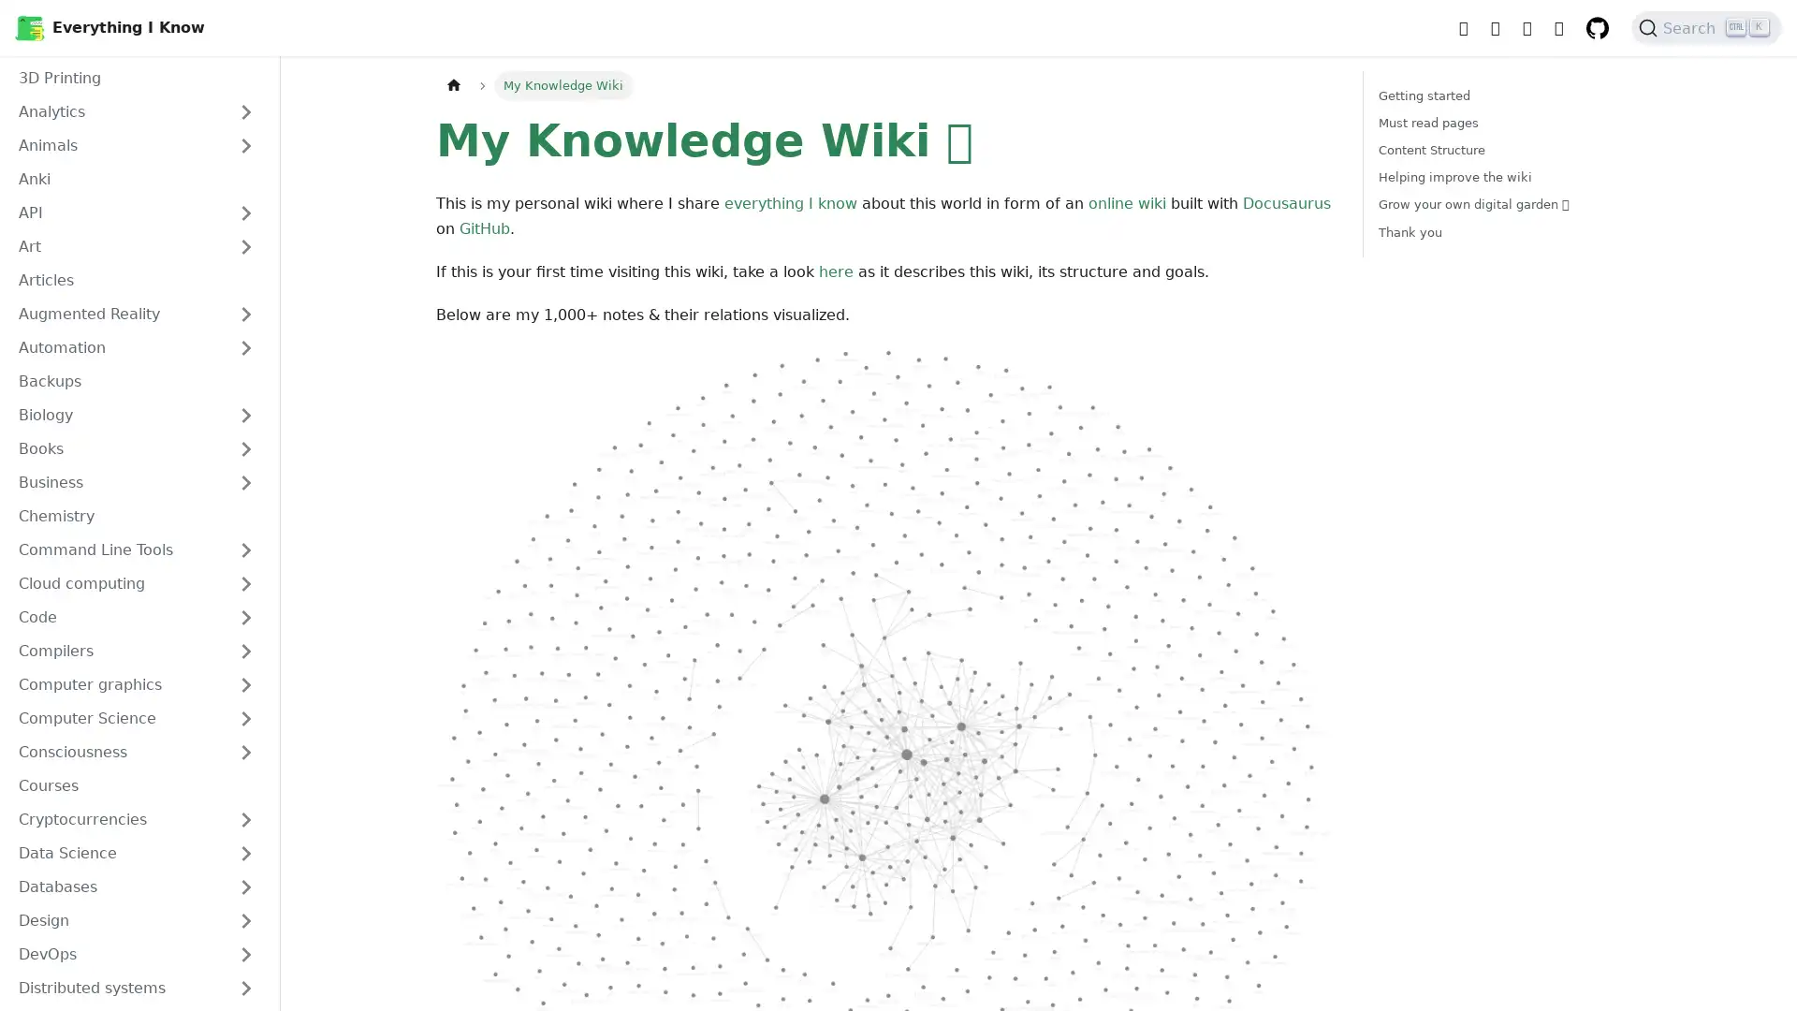  What do you see at coordinates (245, 617) in the screenshot?
I see `Toggle the collapsible sidebar category 'Code'` at bounding box center [245, 617].